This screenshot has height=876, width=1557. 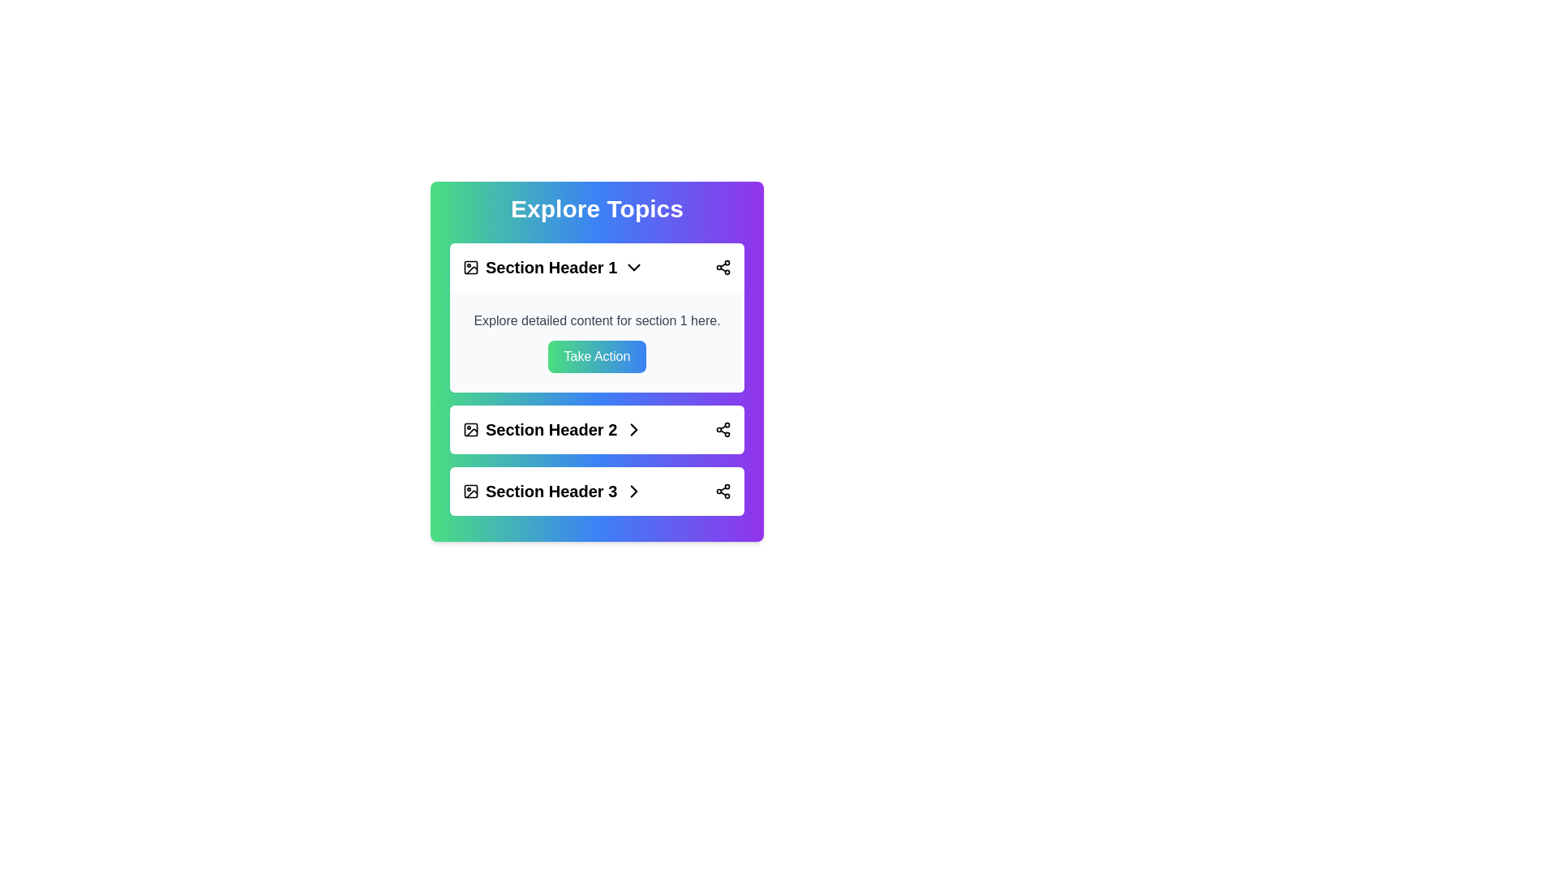 What do you see at coordinates (596, 267) in the screenshot?
I see `the Collapsible Header` at bounding box center [596, 267].